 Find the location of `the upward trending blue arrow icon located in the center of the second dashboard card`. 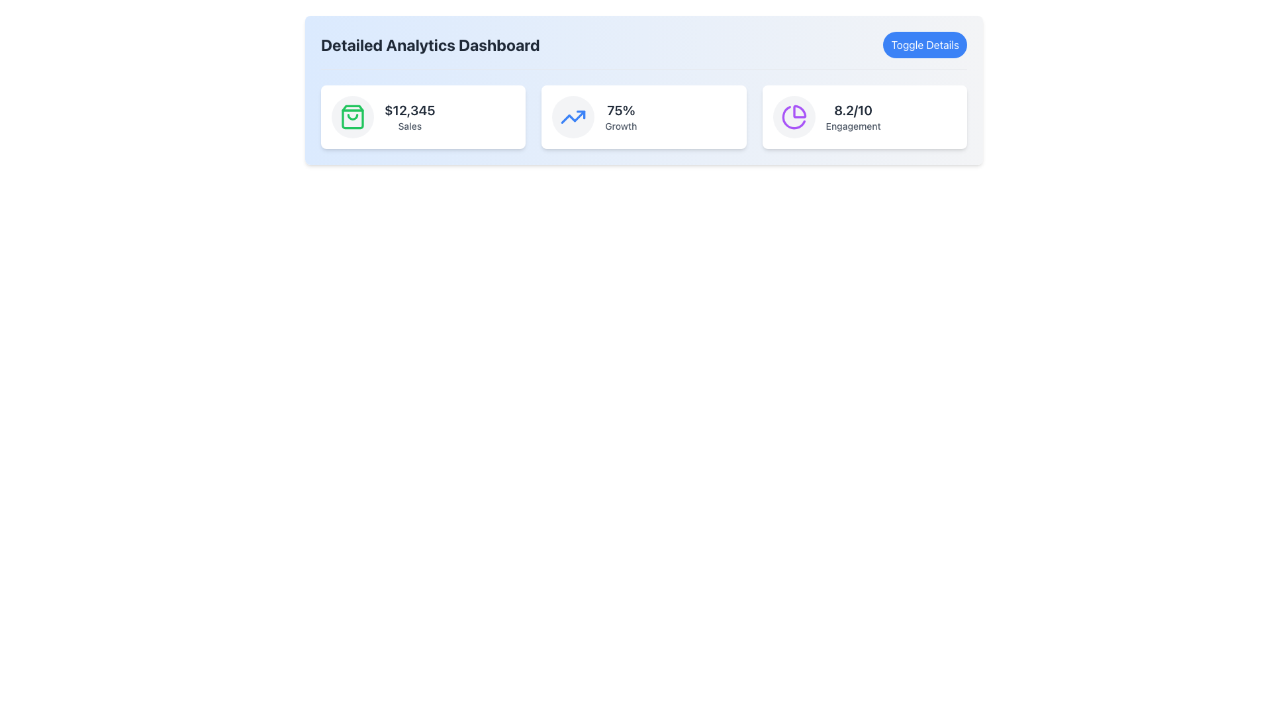

the upward trending blue arrow icon located in the center of the second dashboard card is located at coordinates (573, 117).